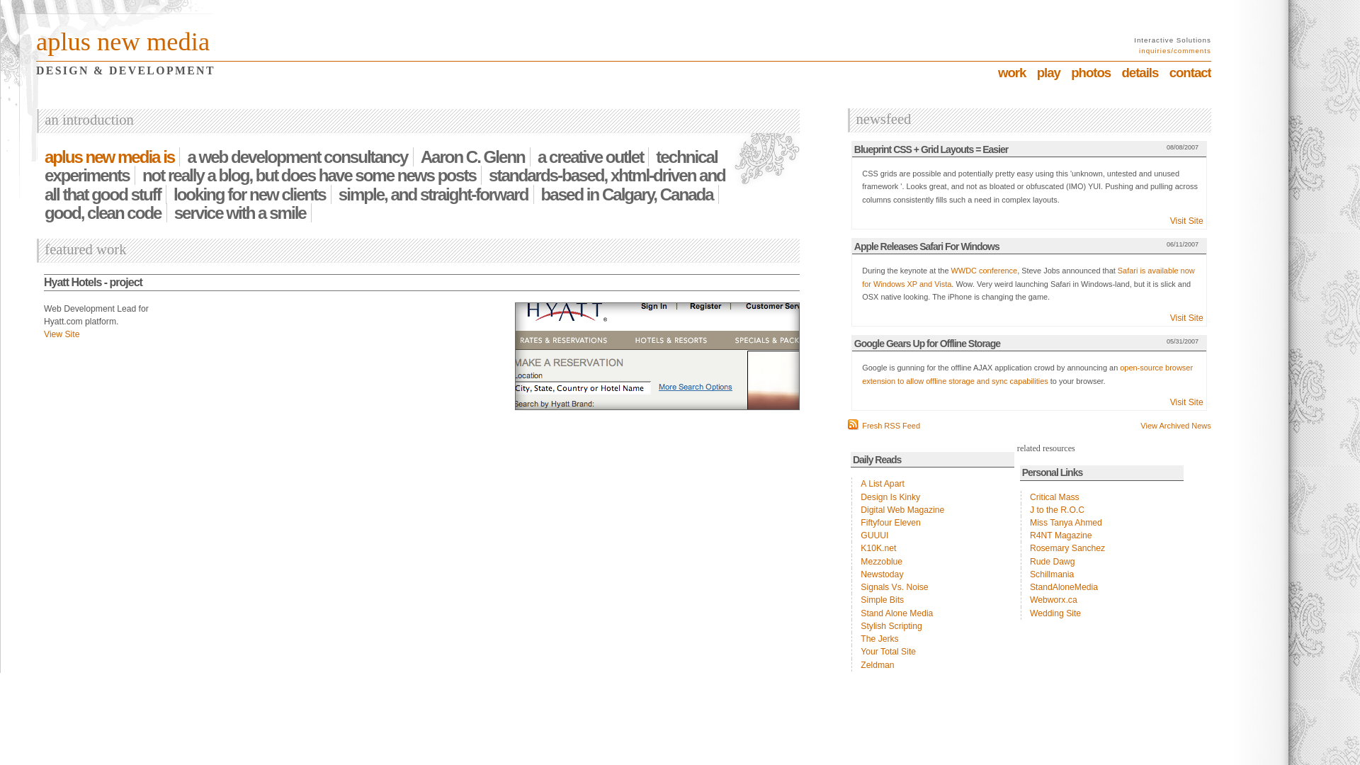 The width and height of the screenshot is (1360, 765). I want to click on 'Webworx.ca', so click(1101, 600).